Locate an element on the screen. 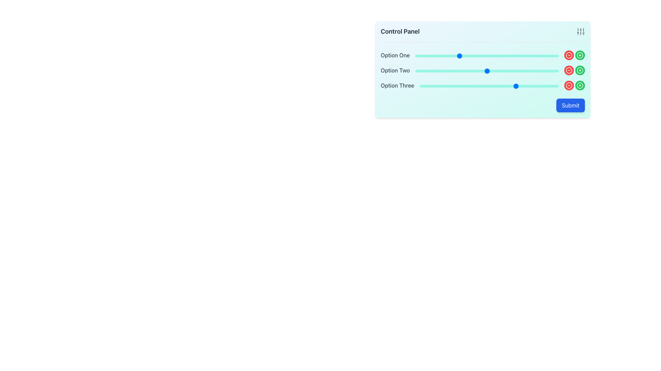 The image size is (661, 371). the red circular minus button located to the right of the second horizontal slider in the control panel to decrement the slider value is located at coordinates (569, 85).